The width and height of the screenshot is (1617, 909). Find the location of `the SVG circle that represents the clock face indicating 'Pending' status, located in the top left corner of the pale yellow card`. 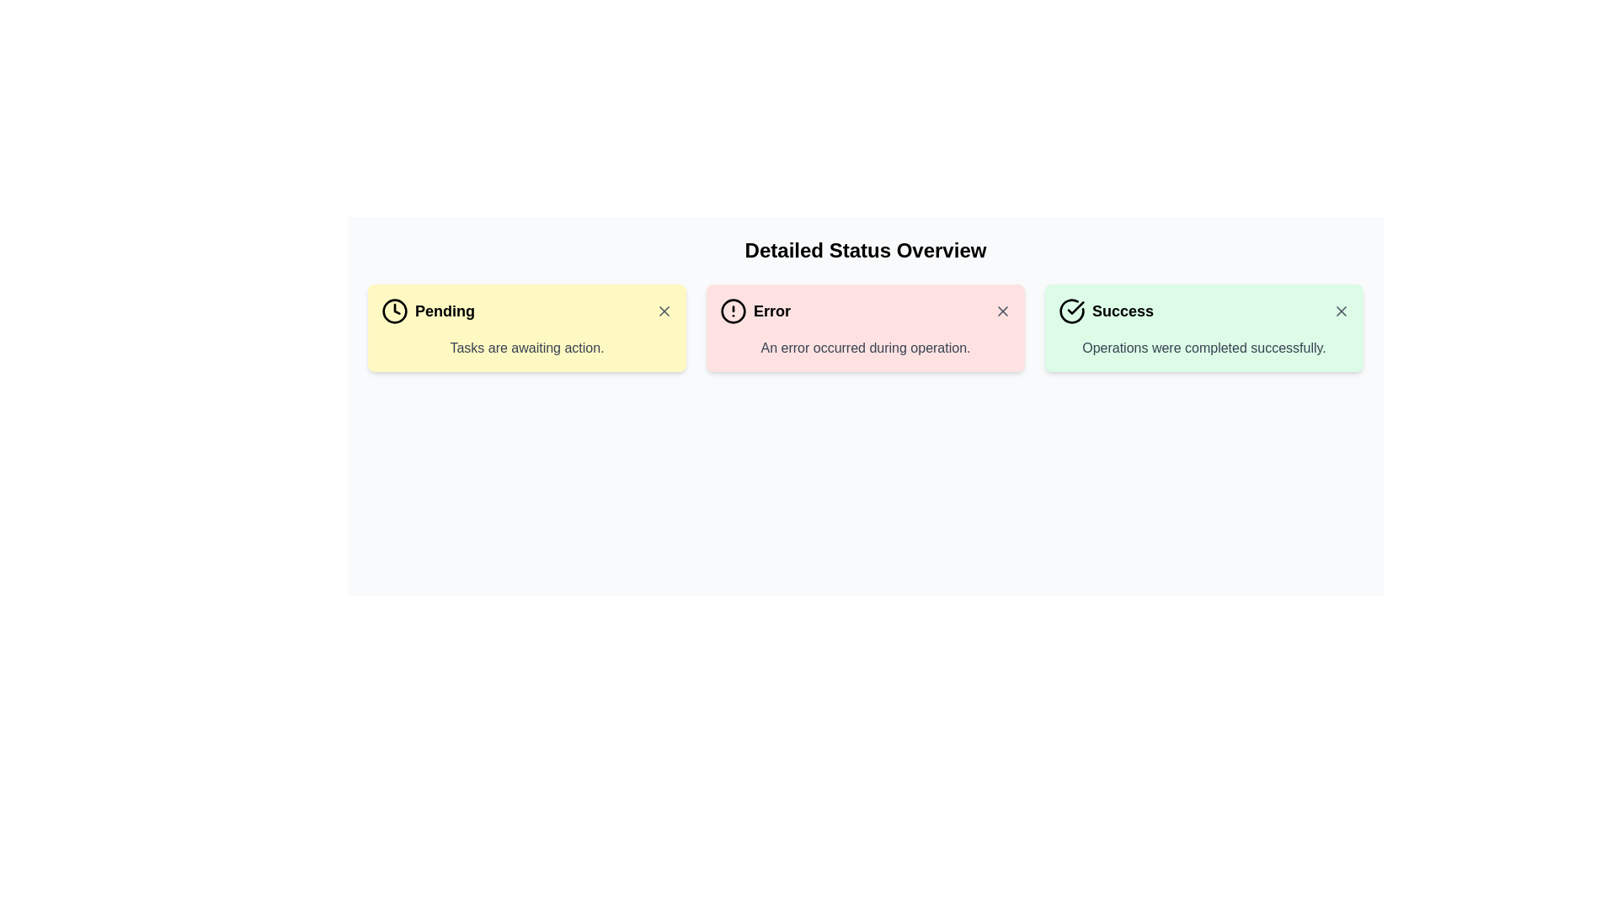

the SVG circle that represents the clock face indicating 'Pending' status, located in the top left corner of the pale yellow card is located at coordinates (394, 311).